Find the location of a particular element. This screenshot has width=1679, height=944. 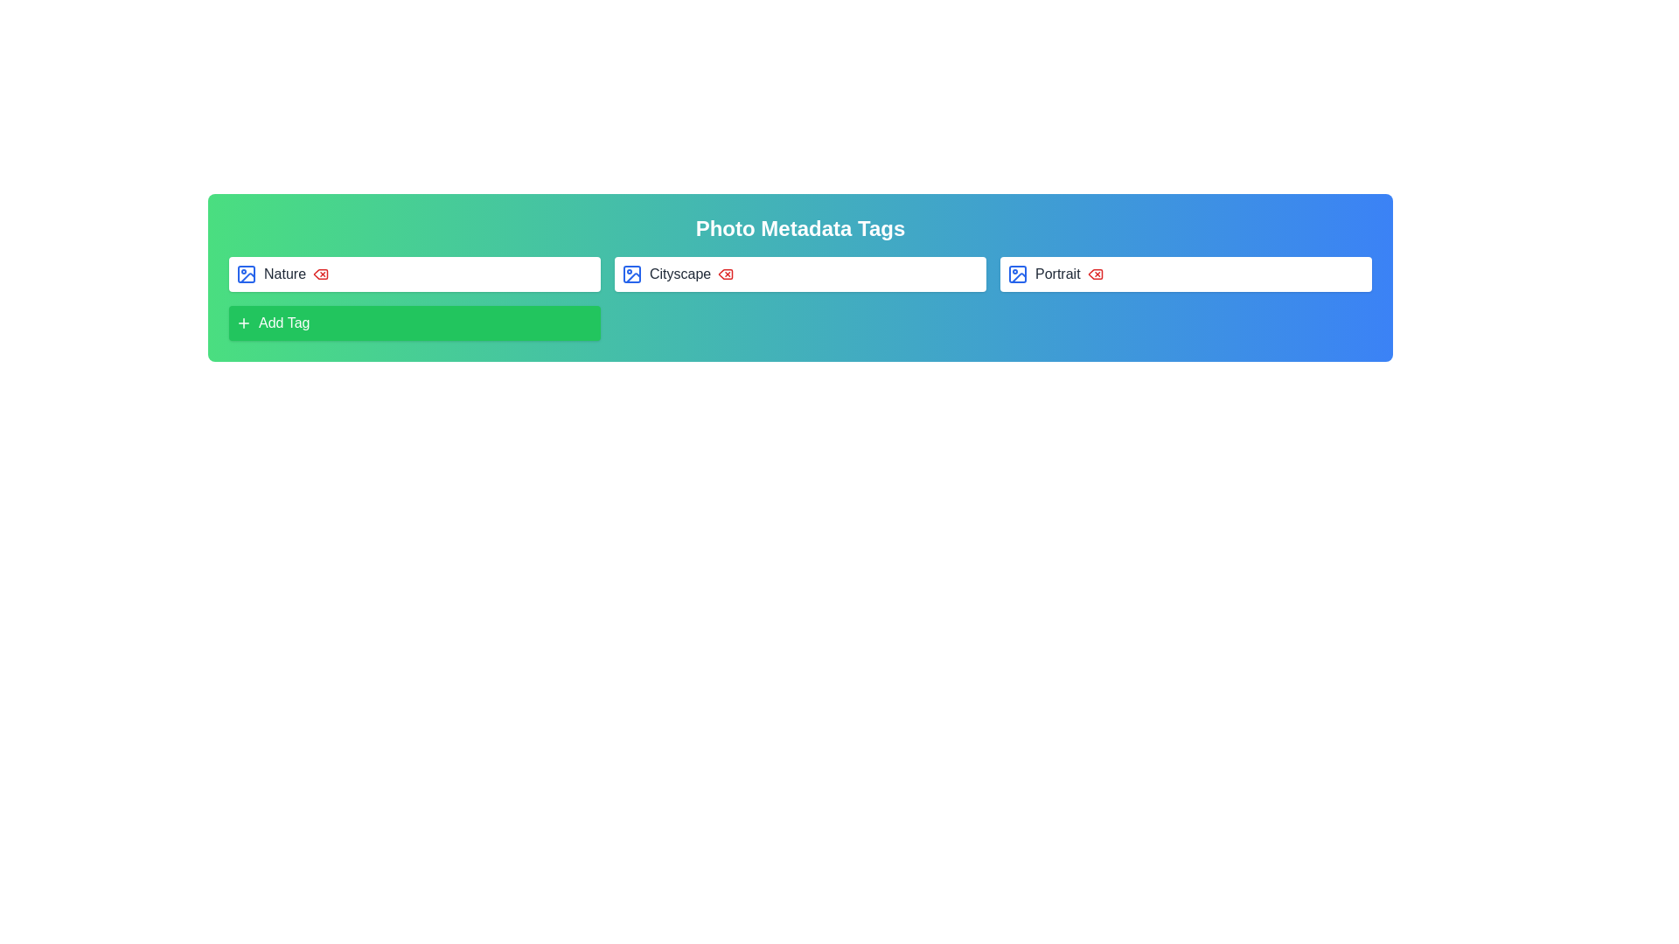

the plus sign SVG icon with a green background located inside the 'Add Tag' button is located at coordinates (242, 323).